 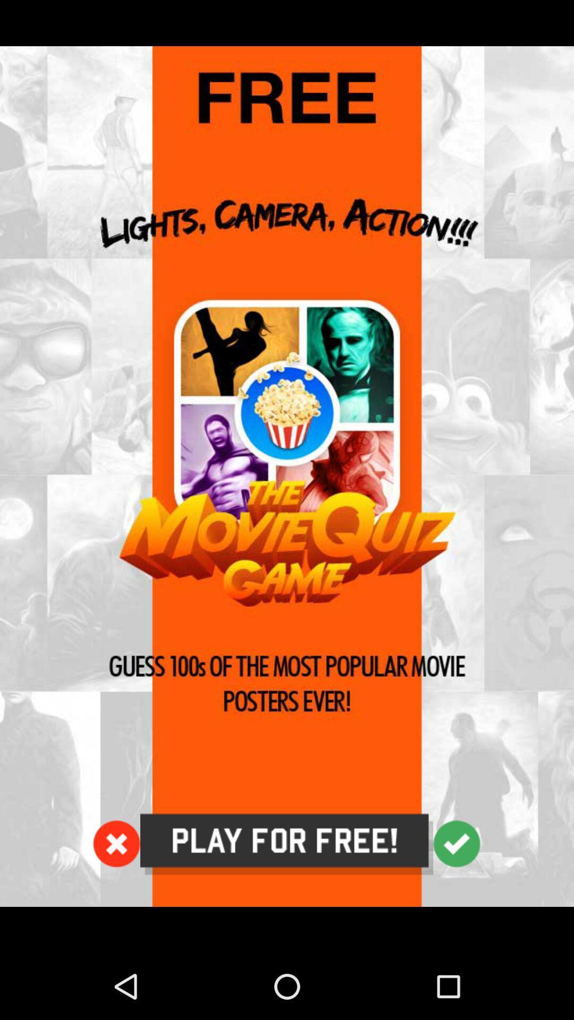 What do you see at coordinates (287, 476) in the screenshot?
I see `launch gameplay` at bounding box center [287, 476].